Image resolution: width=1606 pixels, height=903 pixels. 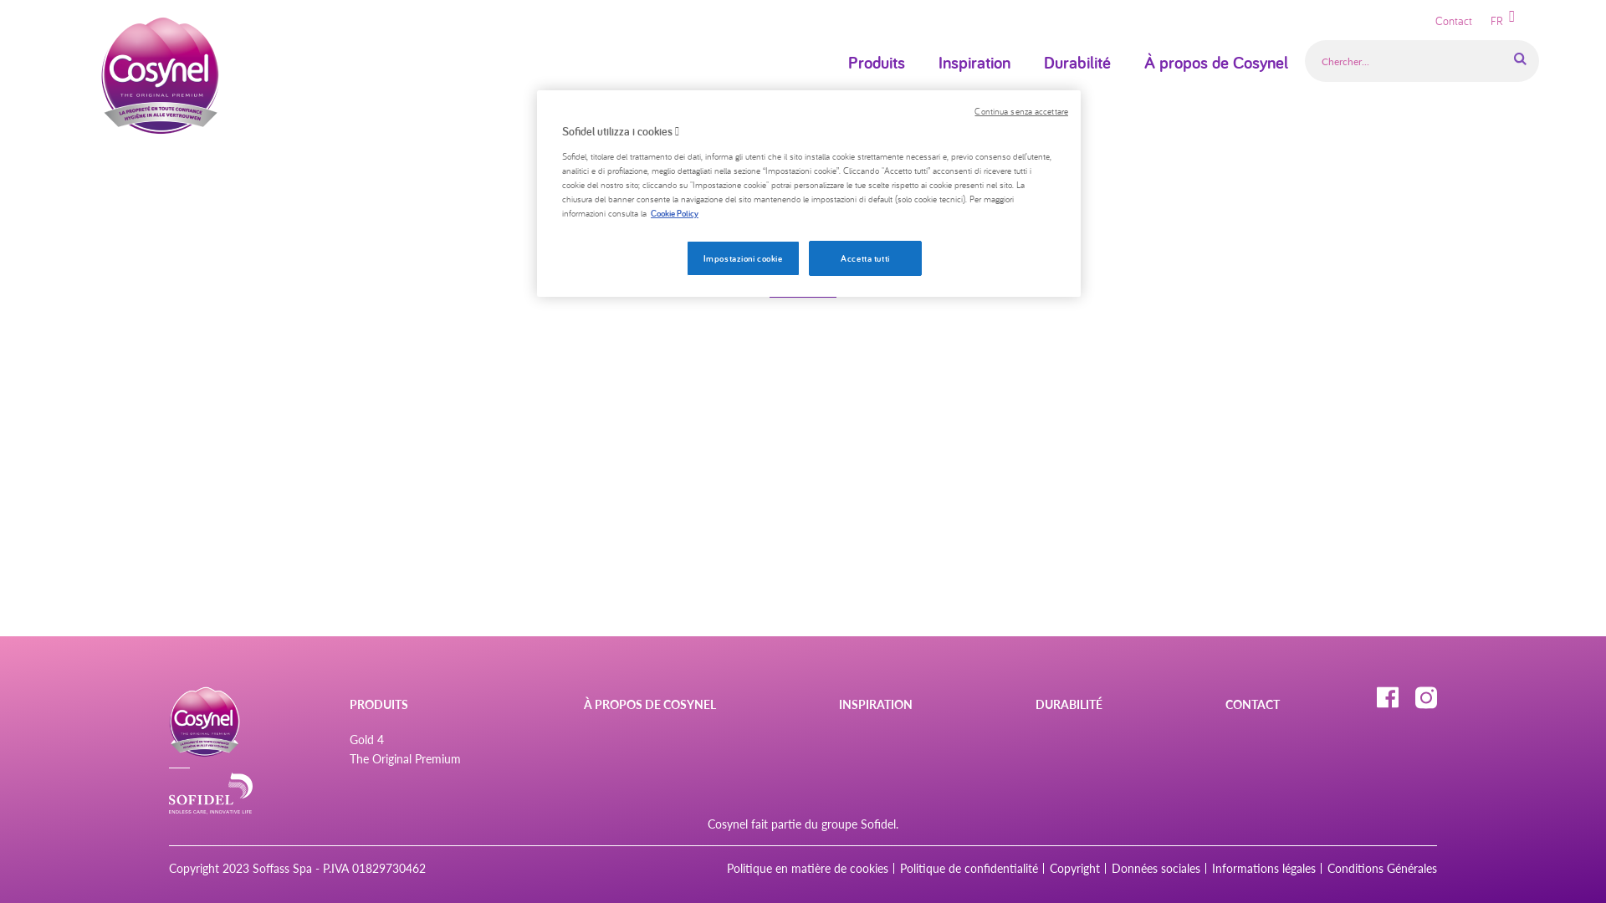 I want to click on 'Produits', so click(x=875, y=61).